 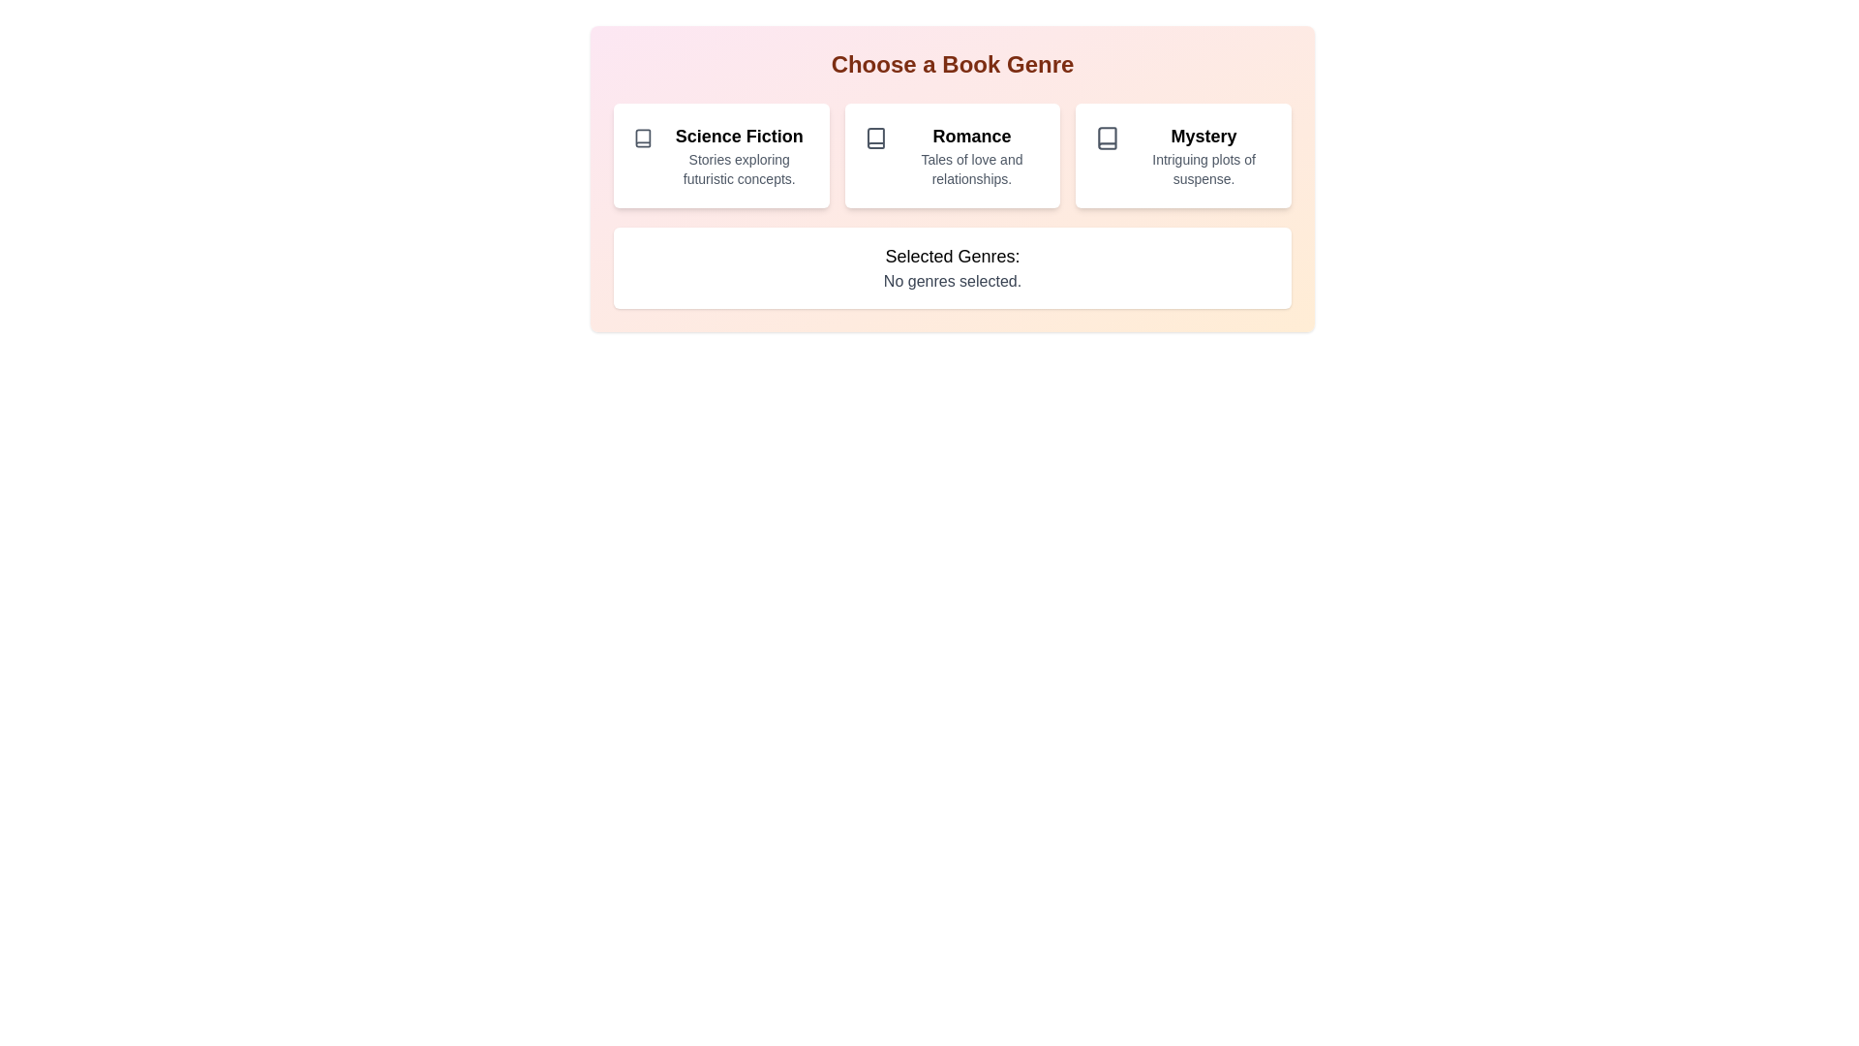 I want to click on the text display box that shows selected genres, currently indicating no genres have been selected, so click(x=952, y=268).